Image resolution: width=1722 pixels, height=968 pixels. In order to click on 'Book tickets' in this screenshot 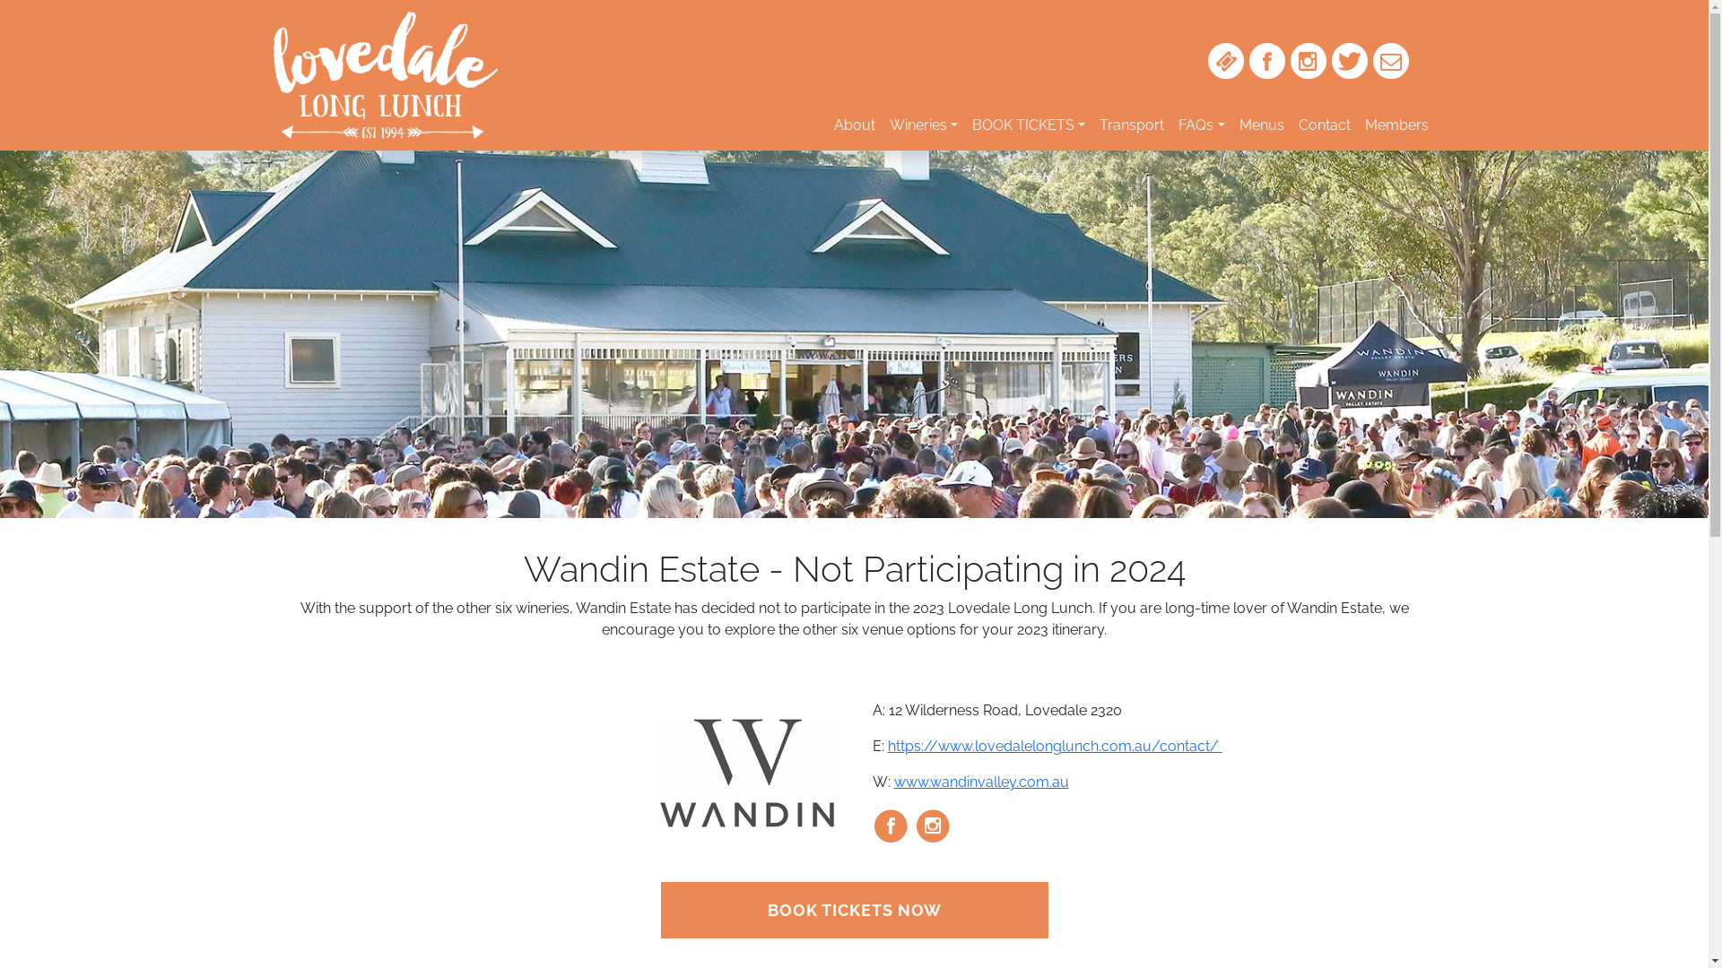, I will do `click(1224, 60)`.